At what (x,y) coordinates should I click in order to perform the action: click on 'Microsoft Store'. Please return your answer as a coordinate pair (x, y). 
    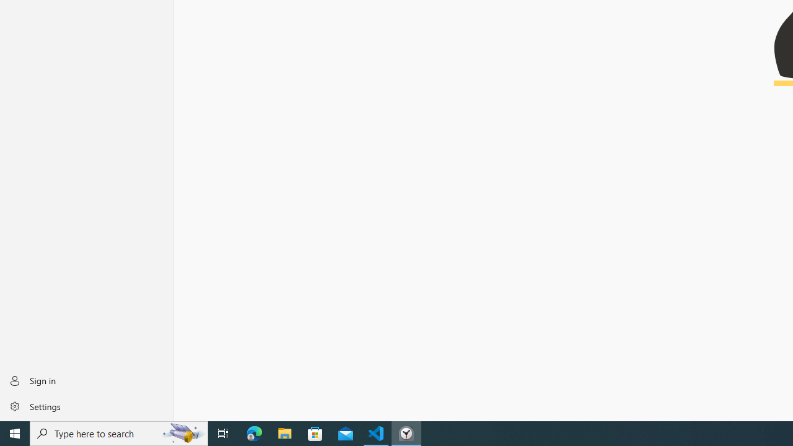
    Looking at the image, I should click on (315, 432).